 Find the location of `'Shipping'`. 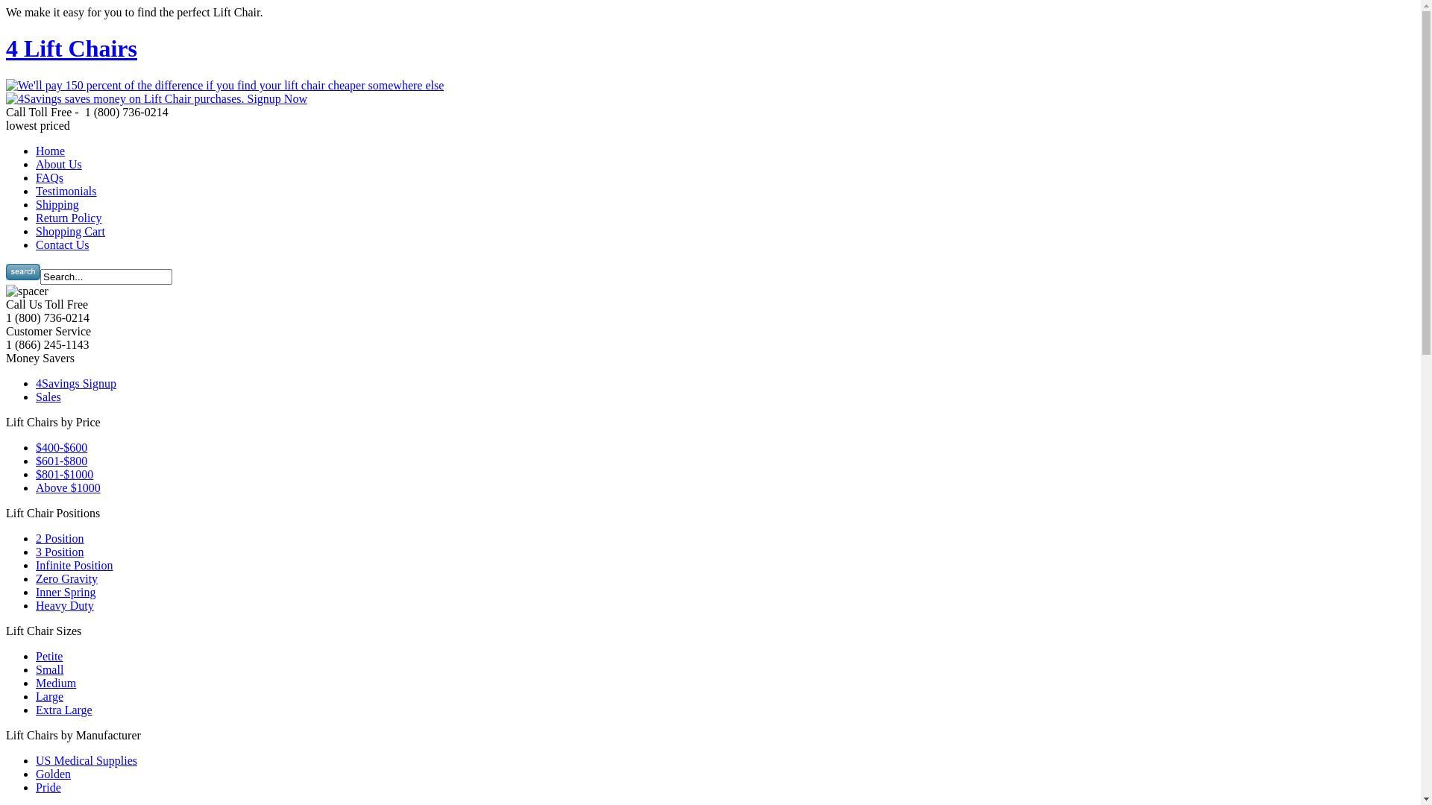

'Shipping' is located at coordinates (57, 204).